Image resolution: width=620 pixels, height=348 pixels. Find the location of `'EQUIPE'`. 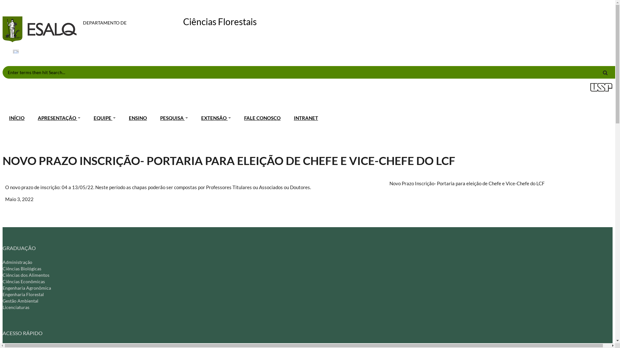

'EQUIPE' is located at coordinates (105, 118).